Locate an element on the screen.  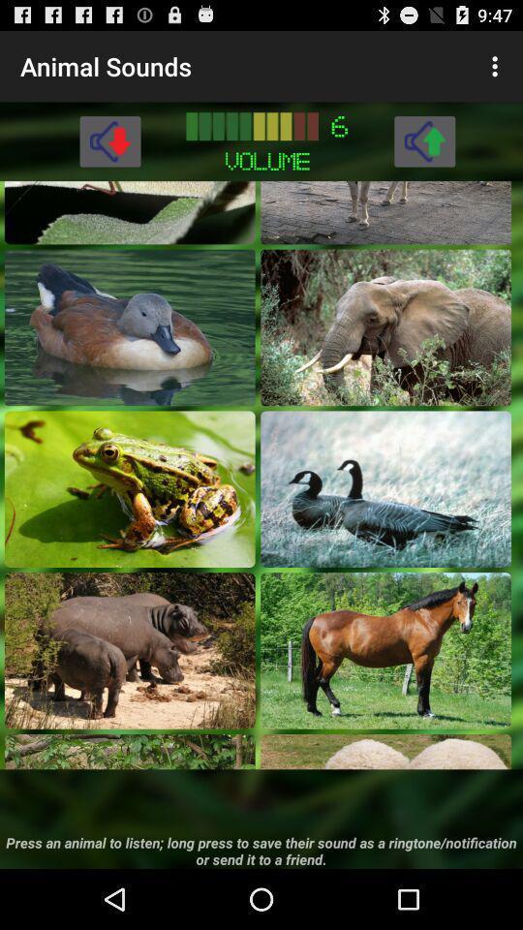
clickable sound file is located at coordinates (130, 487).